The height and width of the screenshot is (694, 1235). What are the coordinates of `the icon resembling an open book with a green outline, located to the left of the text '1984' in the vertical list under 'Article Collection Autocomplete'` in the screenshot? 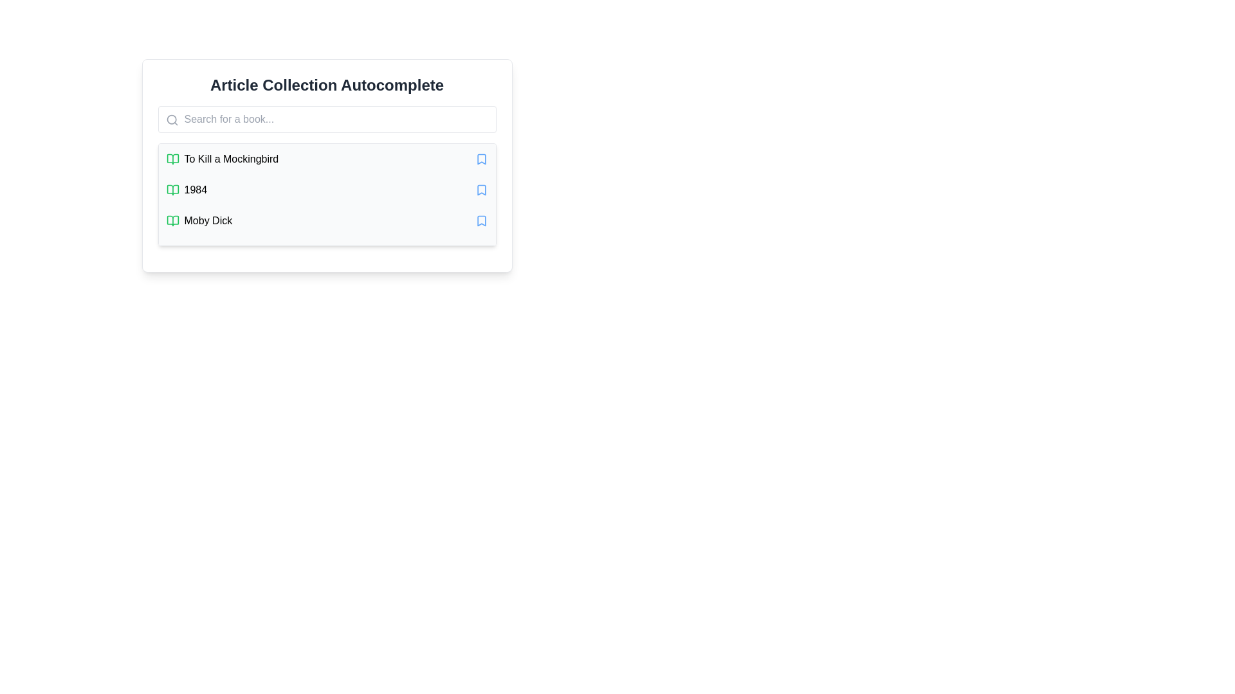 It's located at (172, 190).